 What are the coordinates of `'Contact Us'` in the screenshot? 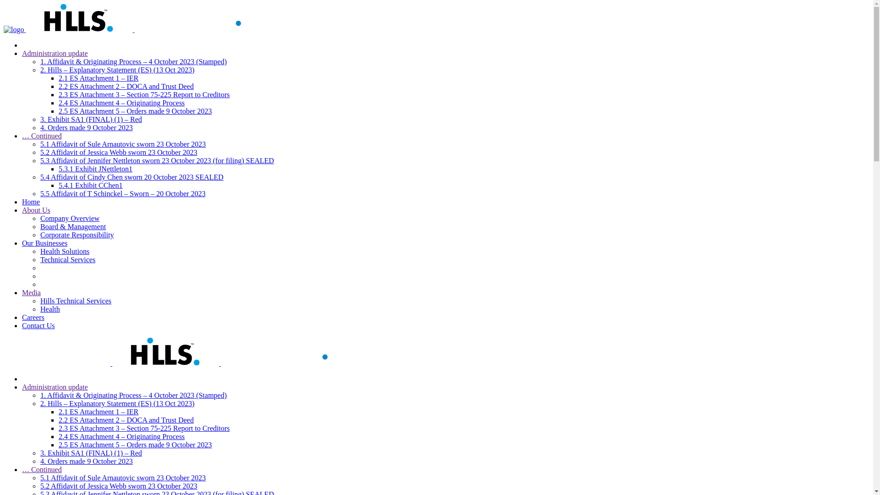 It's located at (22, 325).